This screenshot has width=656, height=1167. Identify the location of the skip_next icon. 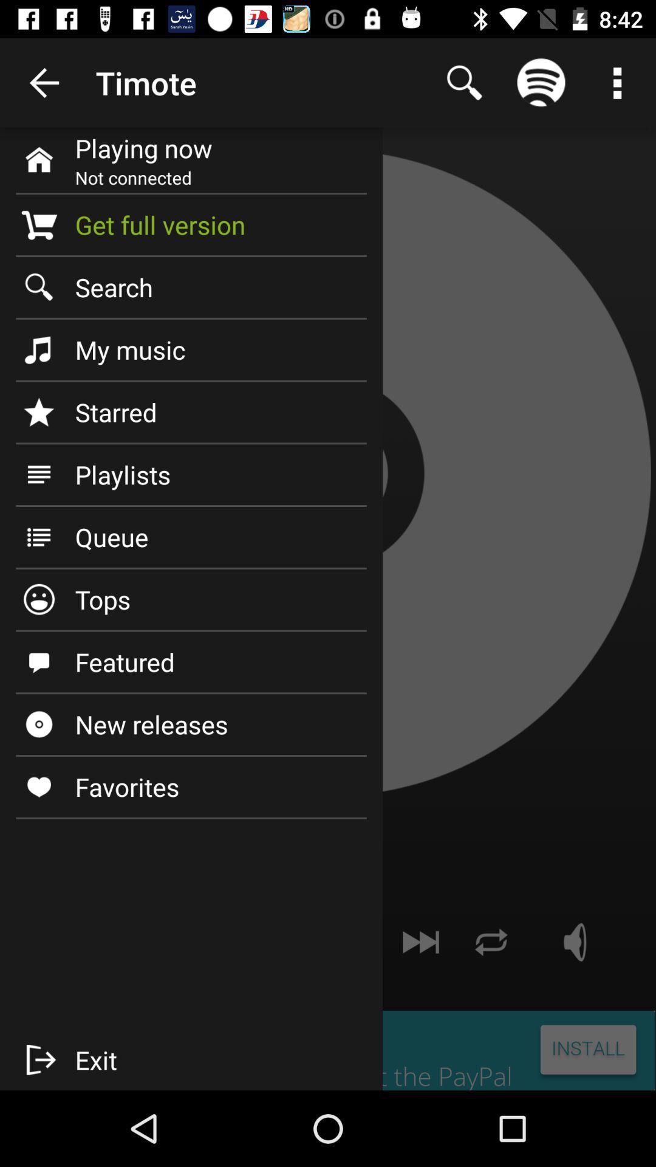
(420, 942).